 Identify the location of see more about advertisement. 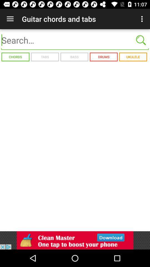
(75, 240).